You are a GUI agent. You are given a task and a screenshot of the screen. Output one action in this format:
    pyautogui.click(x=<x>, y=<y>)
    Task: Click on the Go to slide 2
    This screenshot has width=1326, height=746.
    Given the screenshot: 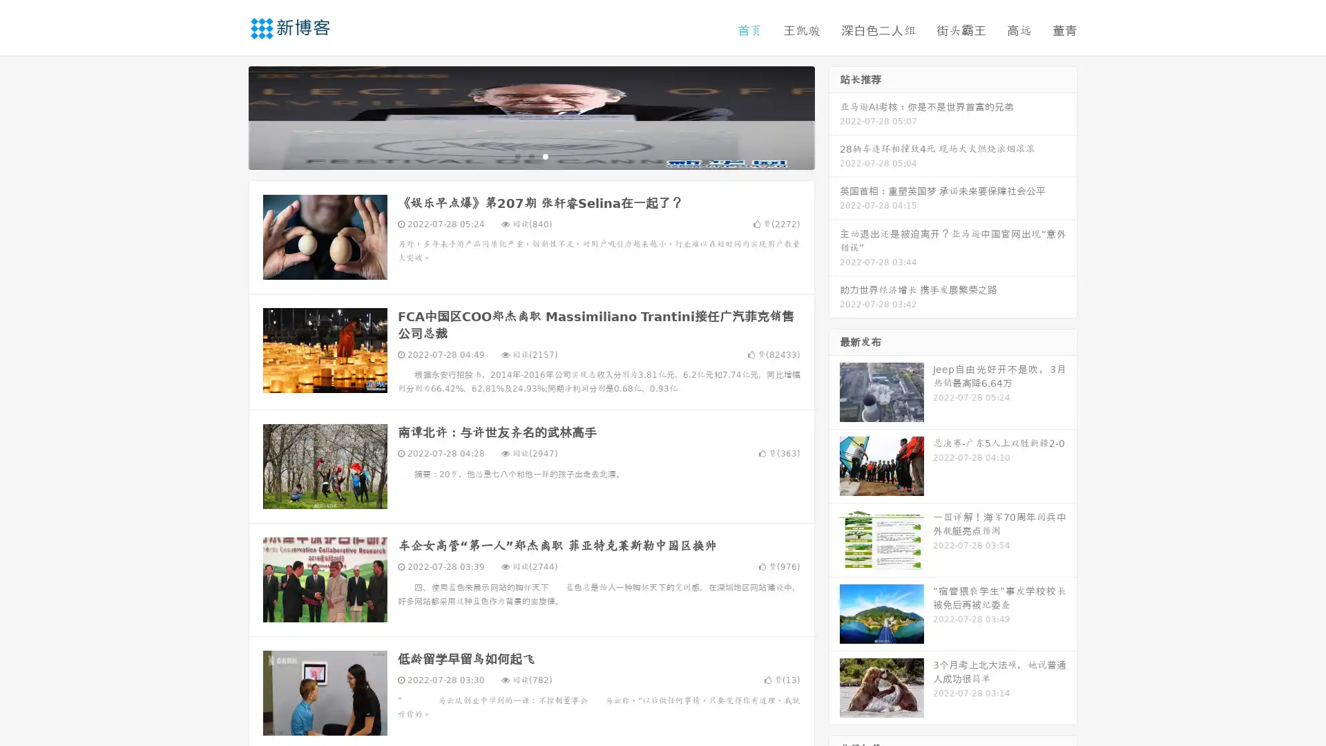 What is the action you would take?
    pyautogui.click(x=530, y=155)
    